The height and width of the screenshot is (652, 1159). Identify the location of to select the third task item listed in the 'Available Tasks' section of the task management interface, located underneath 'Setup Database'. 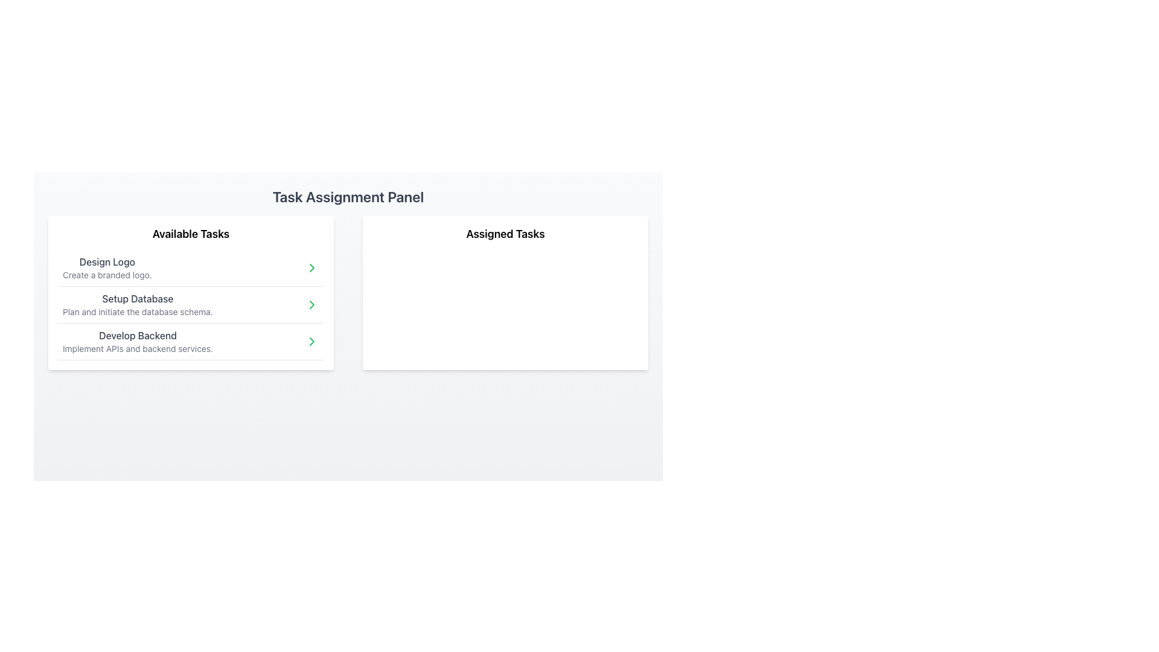
(190, 342).